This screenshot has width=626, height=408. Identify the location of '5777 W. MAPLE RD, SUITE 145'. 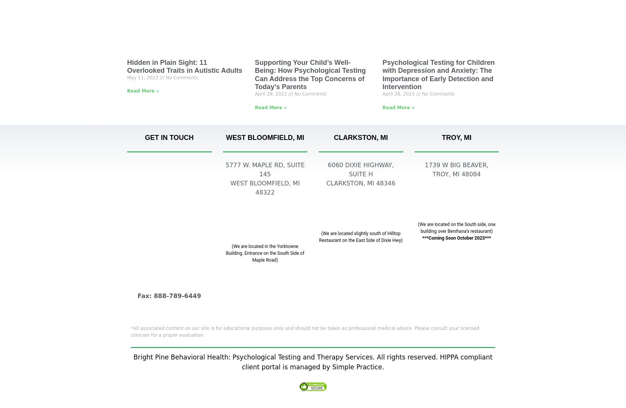
(264, 169).